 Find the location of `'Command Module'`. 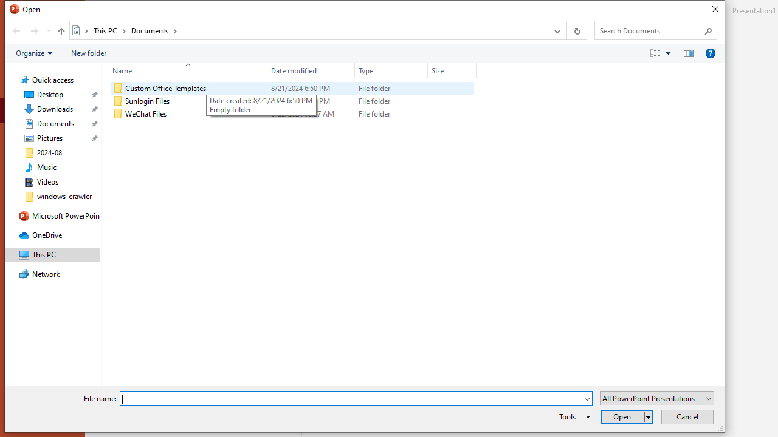

'Command Module' is located at coordinates (363, 53).